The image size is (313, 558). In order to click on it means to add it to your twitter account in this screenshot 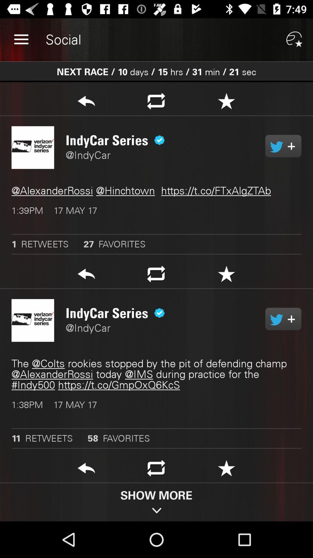, I will do `click(283, 146)`.